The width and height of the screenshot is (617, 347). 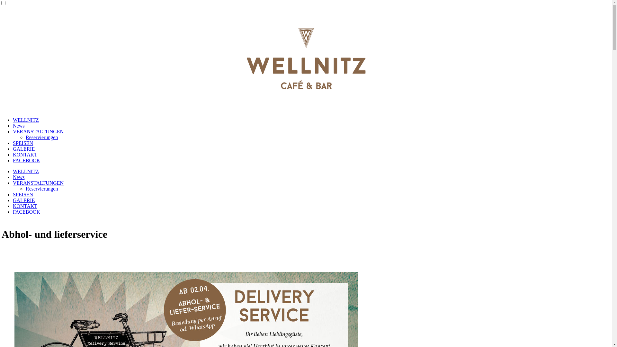 I want to click on 'Reservierungen', so click(x=41, y=188).